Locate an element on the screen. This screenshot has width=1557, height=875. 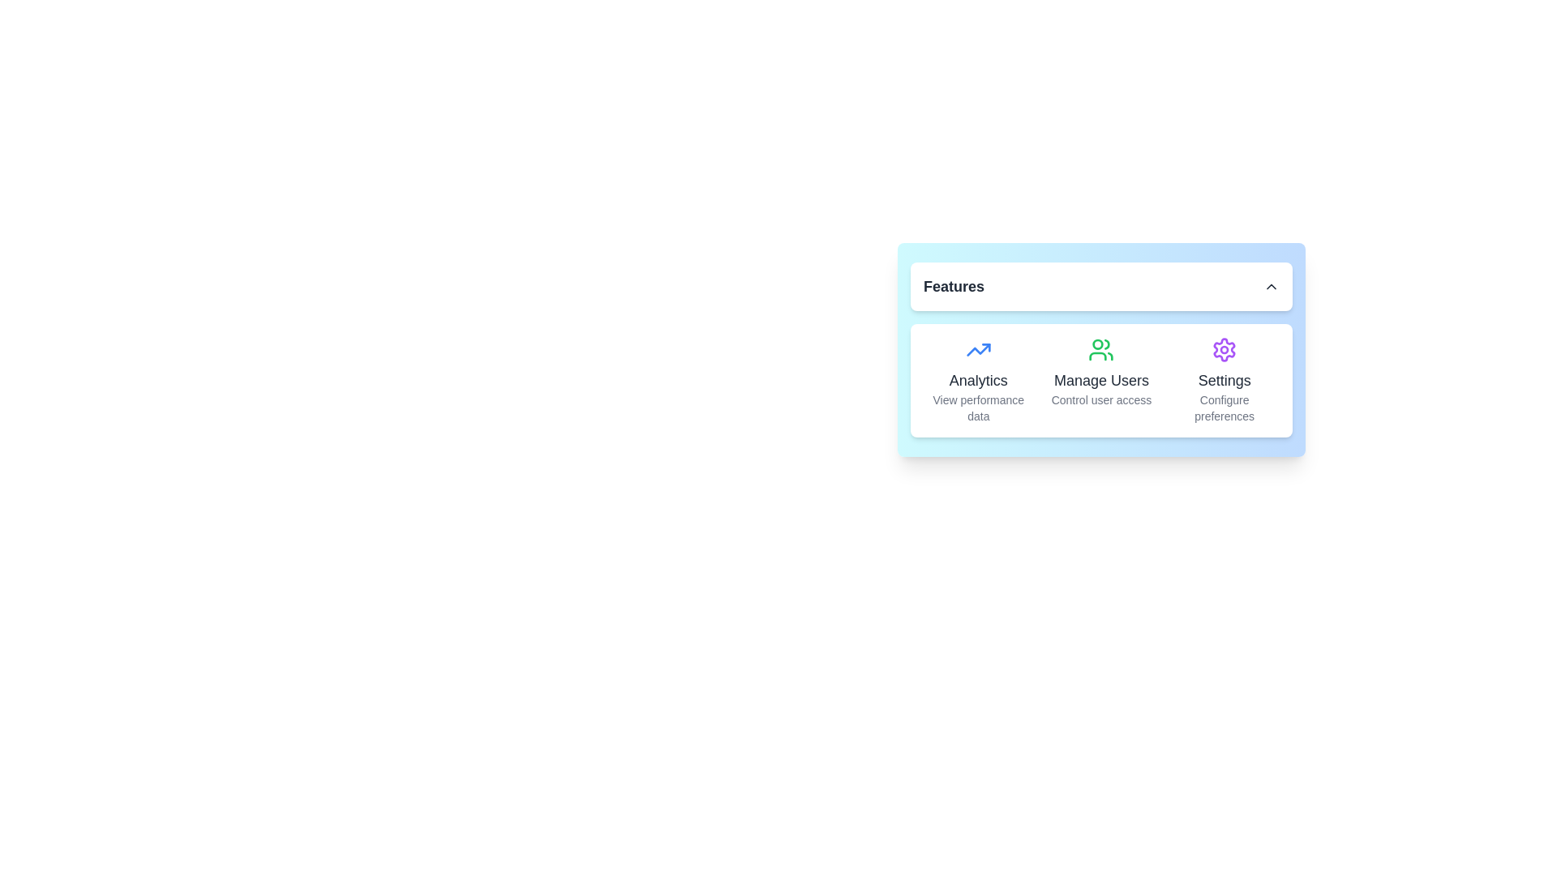
the label displaying 'Control user access' located below the 'Manage Users' heading in the Manage Users section is located at coordinates (1101, 399).